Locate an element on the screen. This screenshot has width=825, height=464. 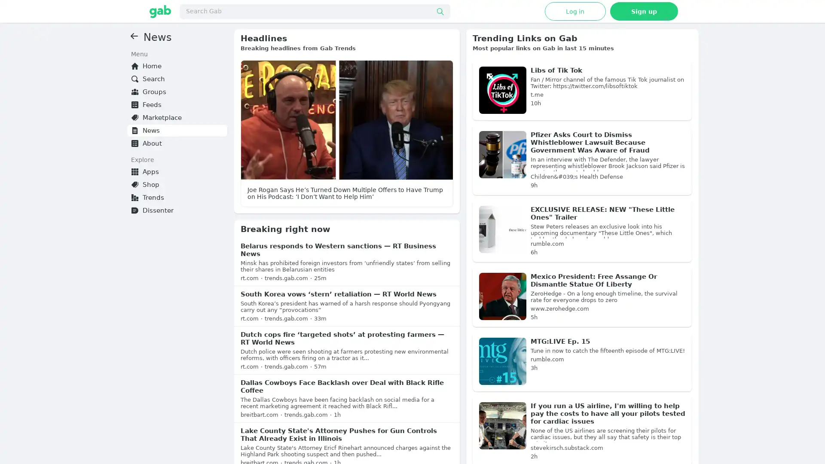
? is located at coordinates (690, 41).